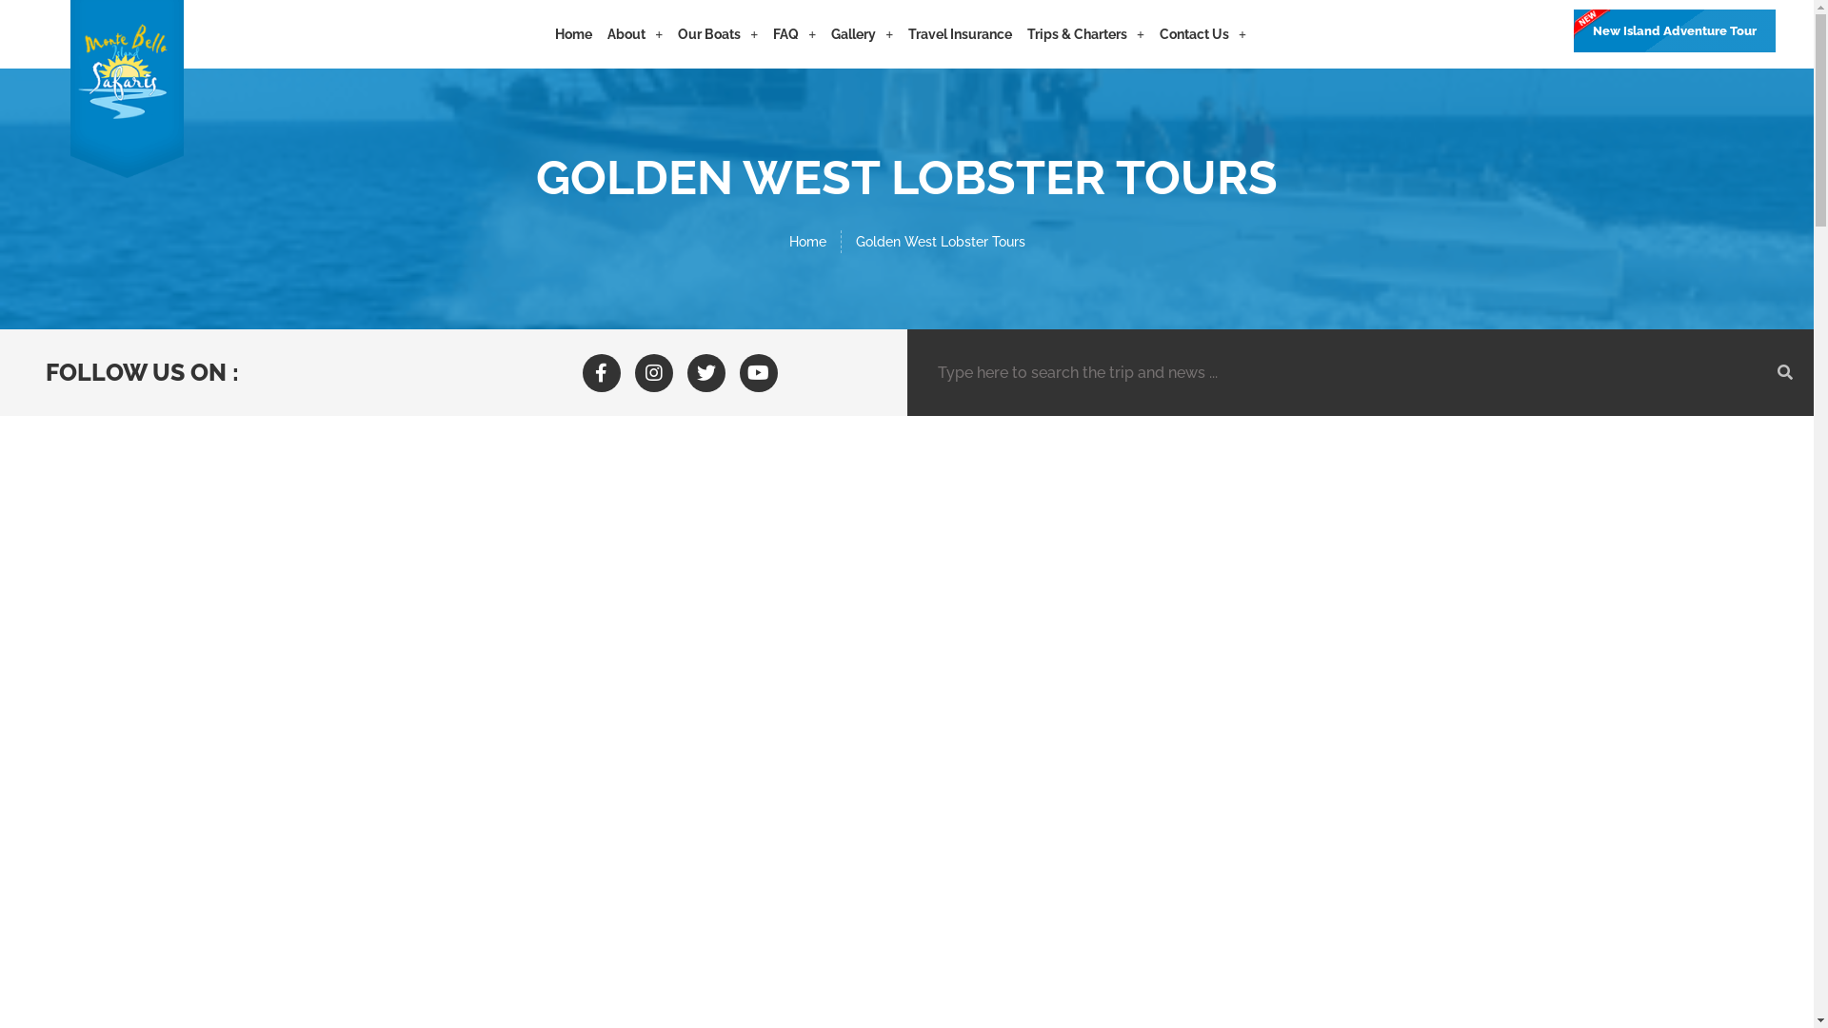 The width and height of the screenshot is (1828, 1028). I want to click on 'Gallery', so click(861, 33).